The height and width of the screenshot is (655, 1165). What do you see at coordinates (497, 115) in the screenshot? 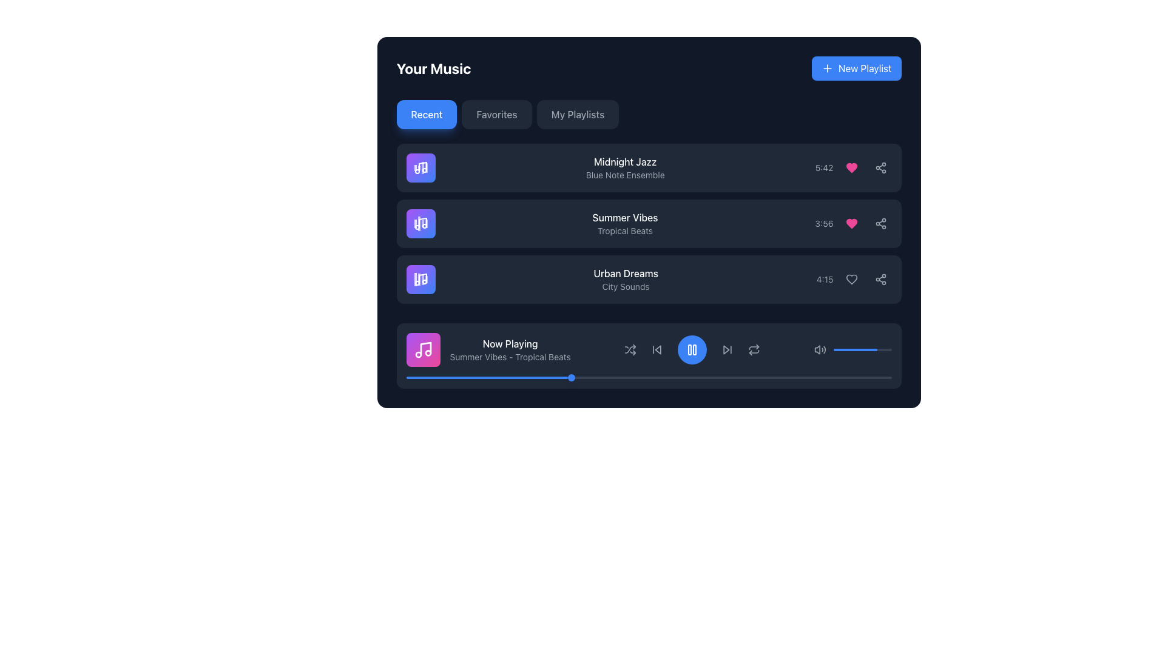
I see `the second button` at bounding box center [497, 115].